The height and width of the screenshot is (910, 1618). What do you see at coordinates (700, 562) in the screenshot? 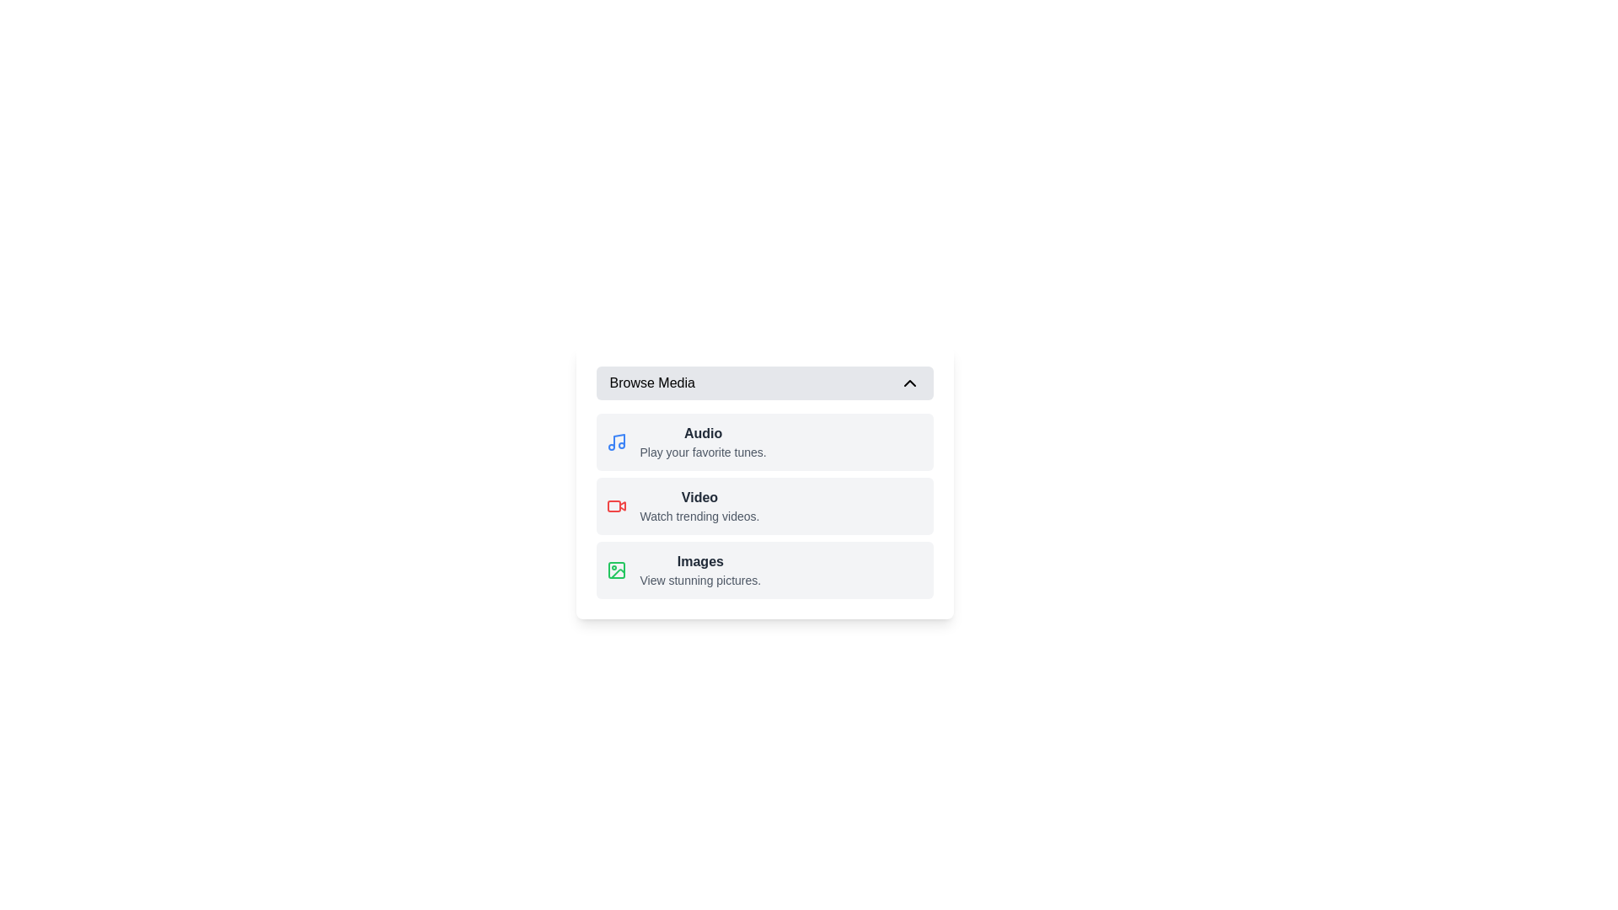
I see `the 'Images' Title label, which is a bold, dark gray text header located in the 'Browse Media' section` at bounding box center [700, 562].